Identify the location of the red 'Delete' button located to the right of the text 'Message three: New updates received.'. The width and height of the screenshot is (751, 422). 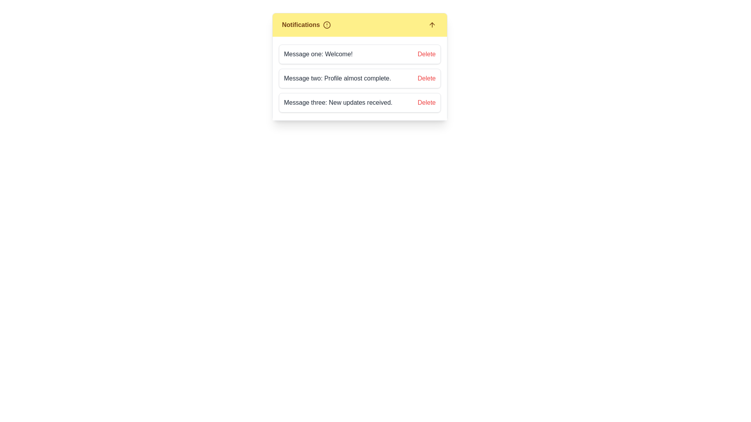
(426, 102).